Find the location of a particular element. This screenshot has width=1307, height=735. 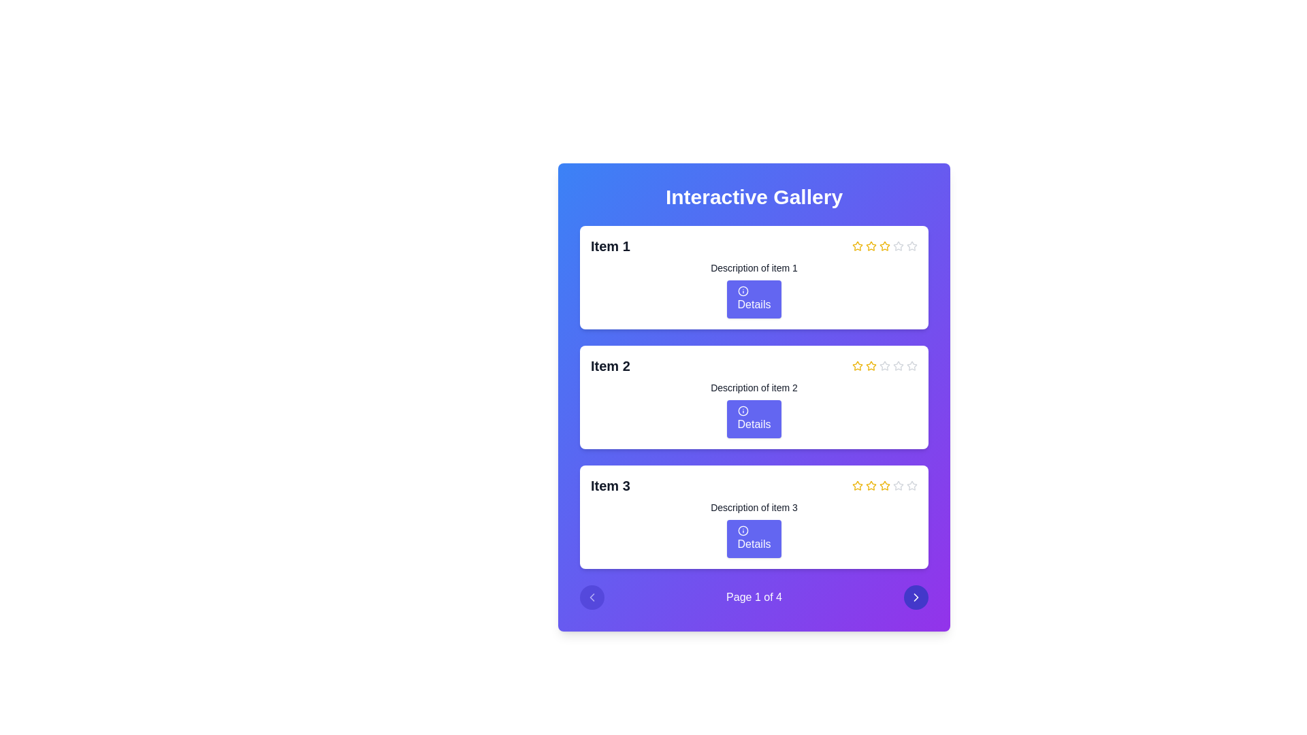

the fourth star in the rating component for 'Item 2', which is the first unfilled star in the row of rating stars is located at coordinates (885, 365).